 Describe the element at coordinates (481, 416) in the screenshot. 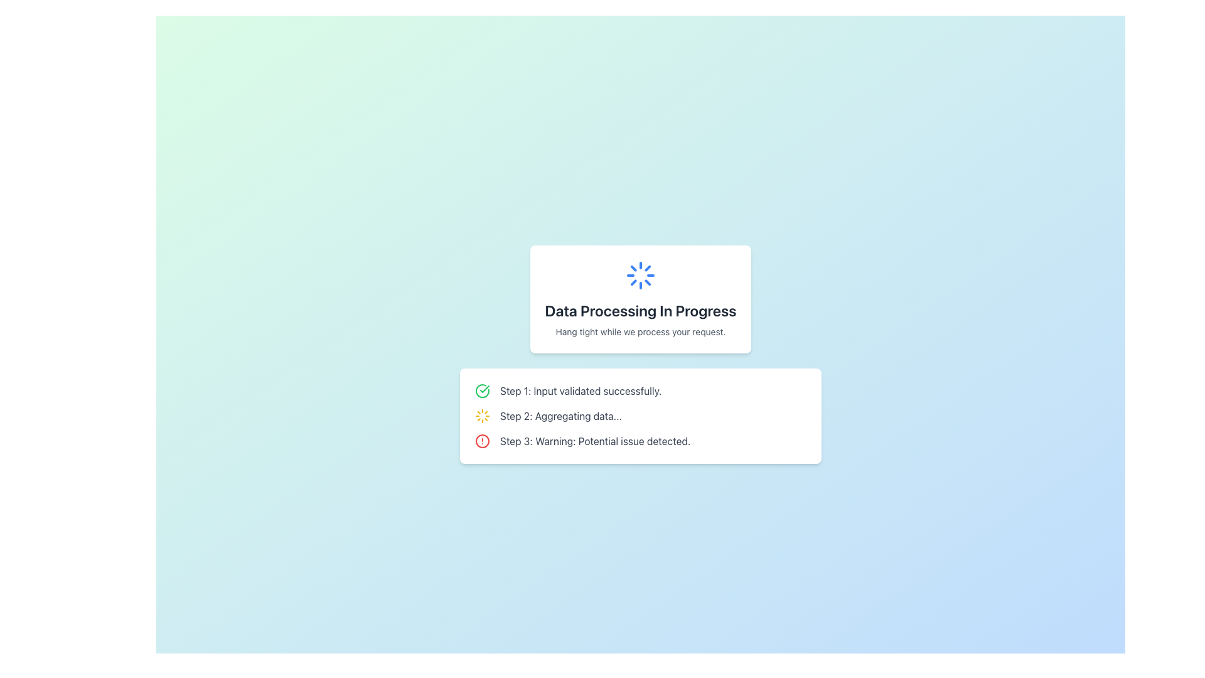

I see `the bright yellow spinner loader icon indicating the loading state for 'Step 2: Aggregating data...'` at that location.